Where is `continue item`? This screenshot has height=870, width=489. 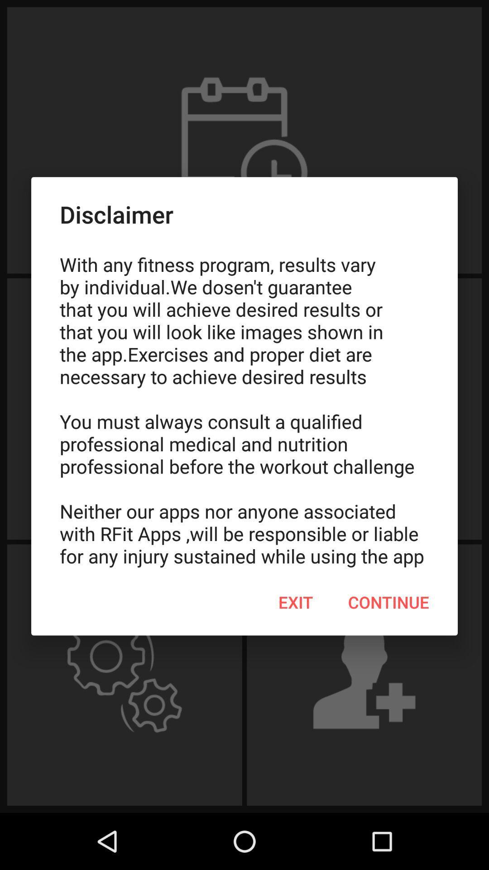 continue item is located at coordinates (388, 602).